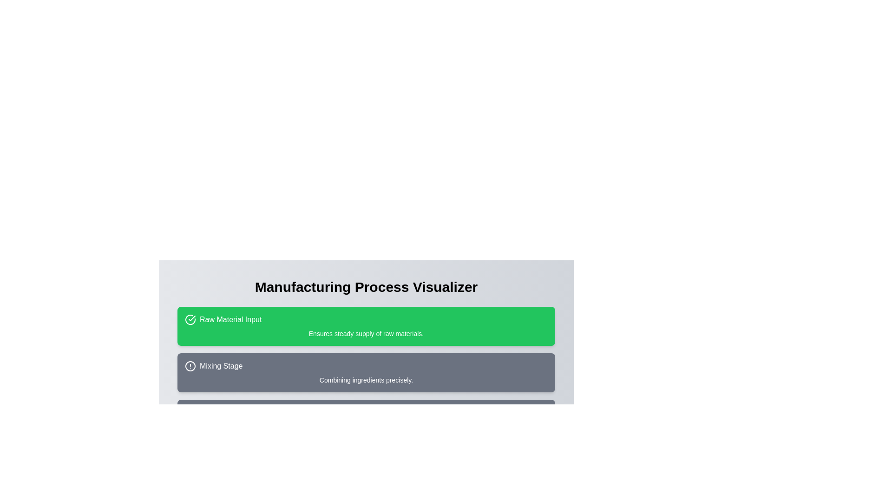  Describe the element at coordinates (230, 319) in the screenshot. I see `the label displaying 'Raw Material Input' with white text on a green background, located to the right of a checkmark icon` at that location.